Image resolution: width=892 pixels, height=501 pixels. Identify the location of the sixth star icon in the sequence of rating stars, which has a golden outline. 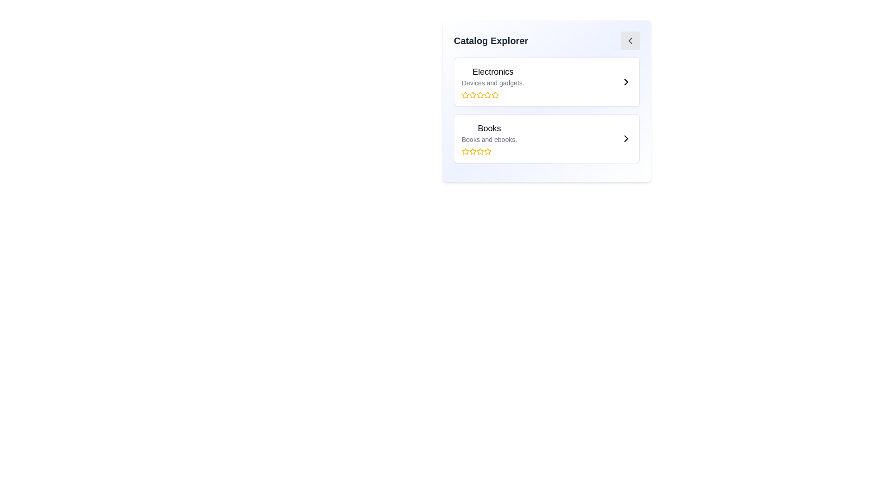
(487, 151).